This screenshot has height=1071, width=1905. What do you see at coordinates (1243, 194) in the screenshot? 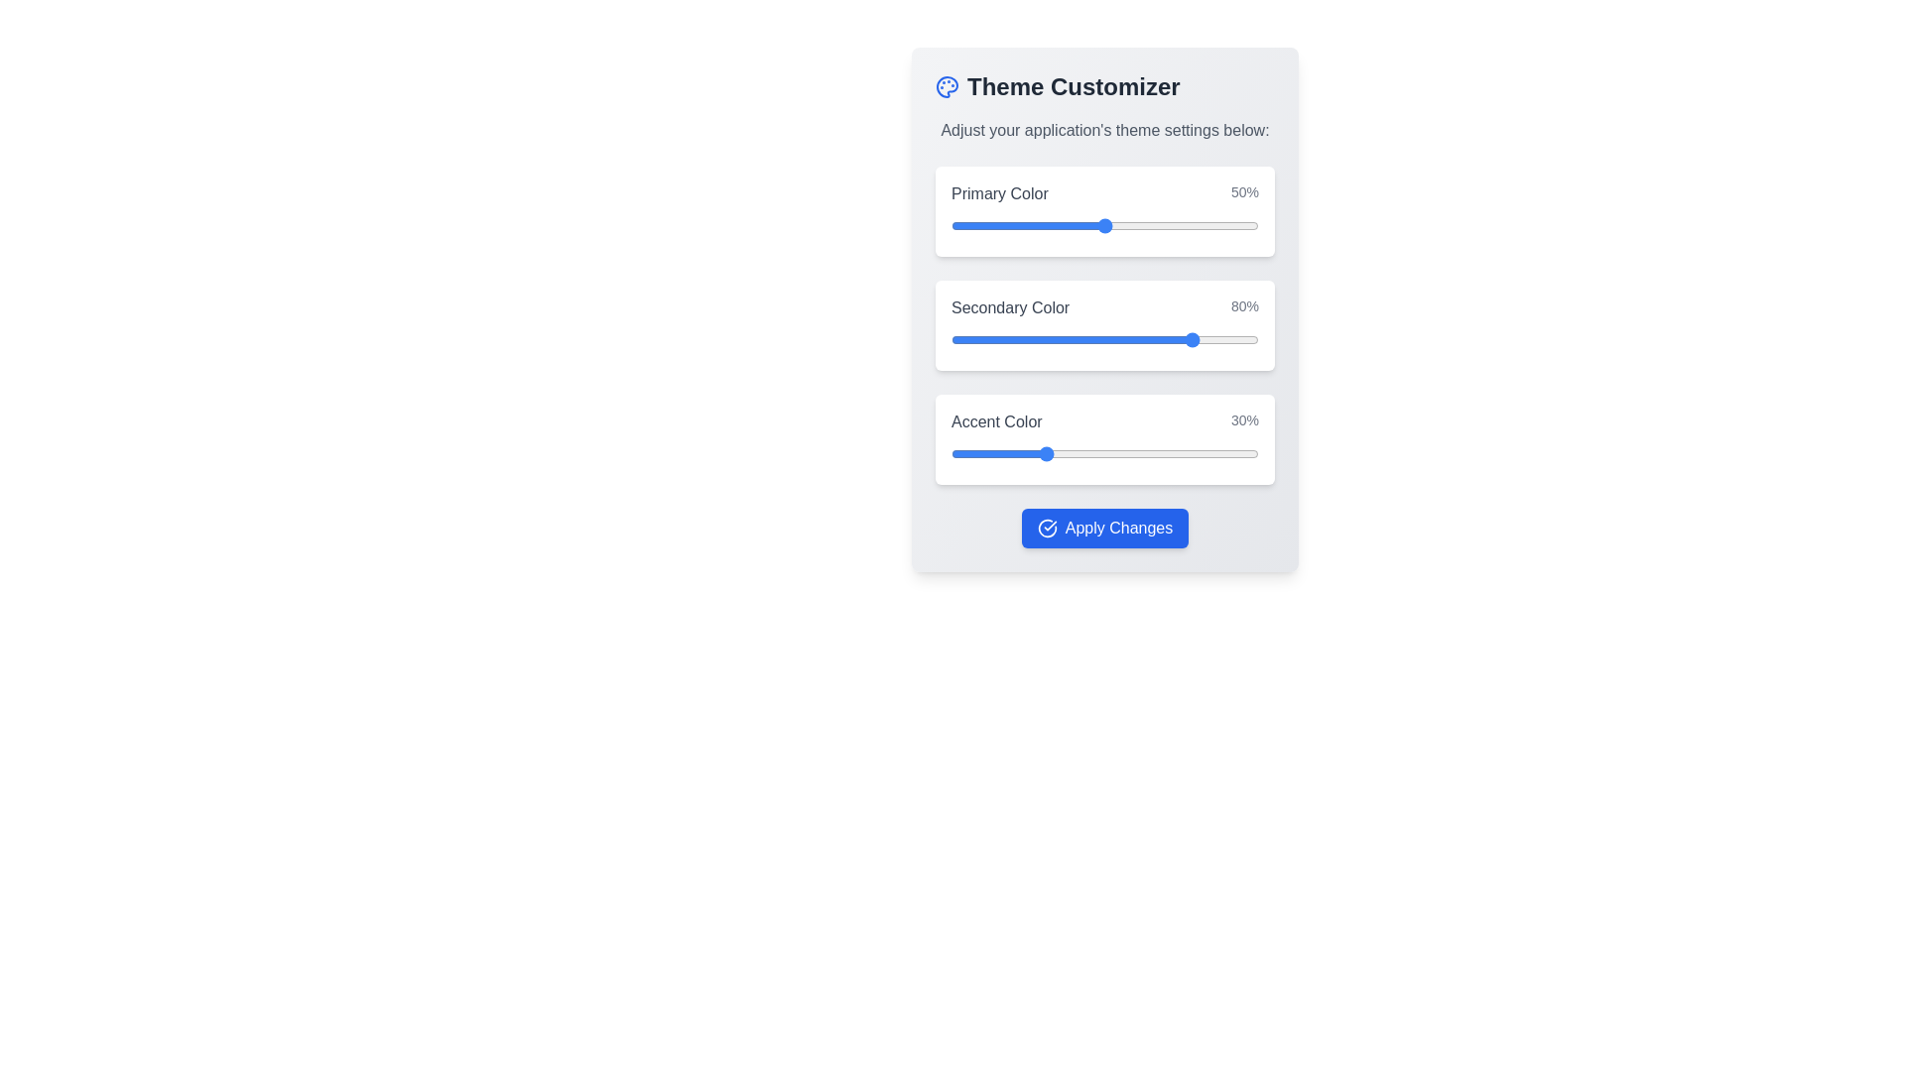
I see `the static text displaying '50%' in gray font, which is located in the 'Primary Color' section, positioned to the right of the label and above a horizontal slider bar` at bounding box center [1243, 194].